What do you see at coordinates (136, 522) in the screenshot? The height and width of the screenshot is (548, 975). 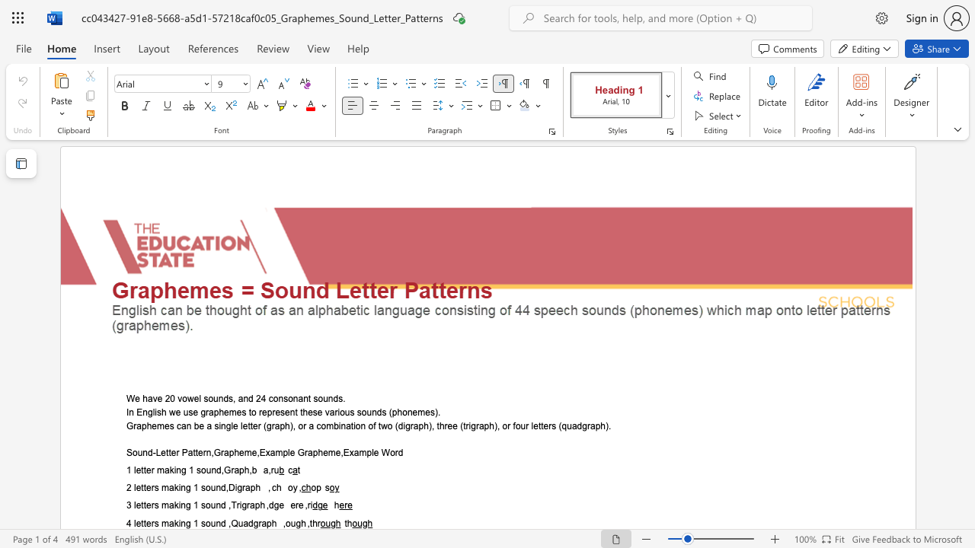 I see `the subset text "etters making 1 sound  ,Q" within the text "4 letters making 1 sound  ,Quadgraph     ,ough ,thr"` at bounding box center [136, 522].